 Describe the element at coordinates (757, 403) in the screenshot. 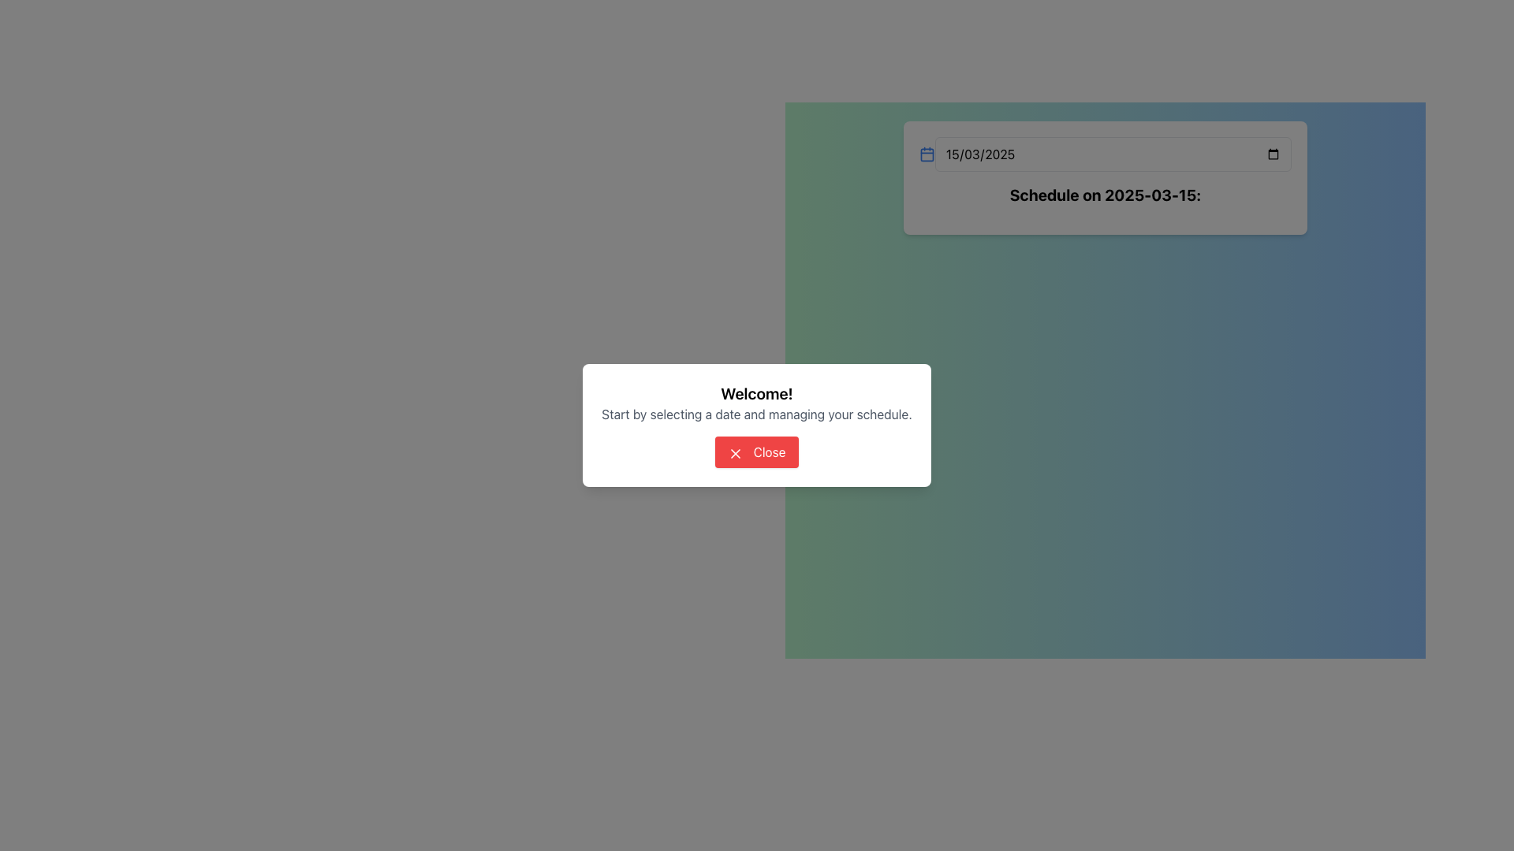

I see `the 'Welcome!' text in the Text Group to trigger any potential hover effects` at that location.